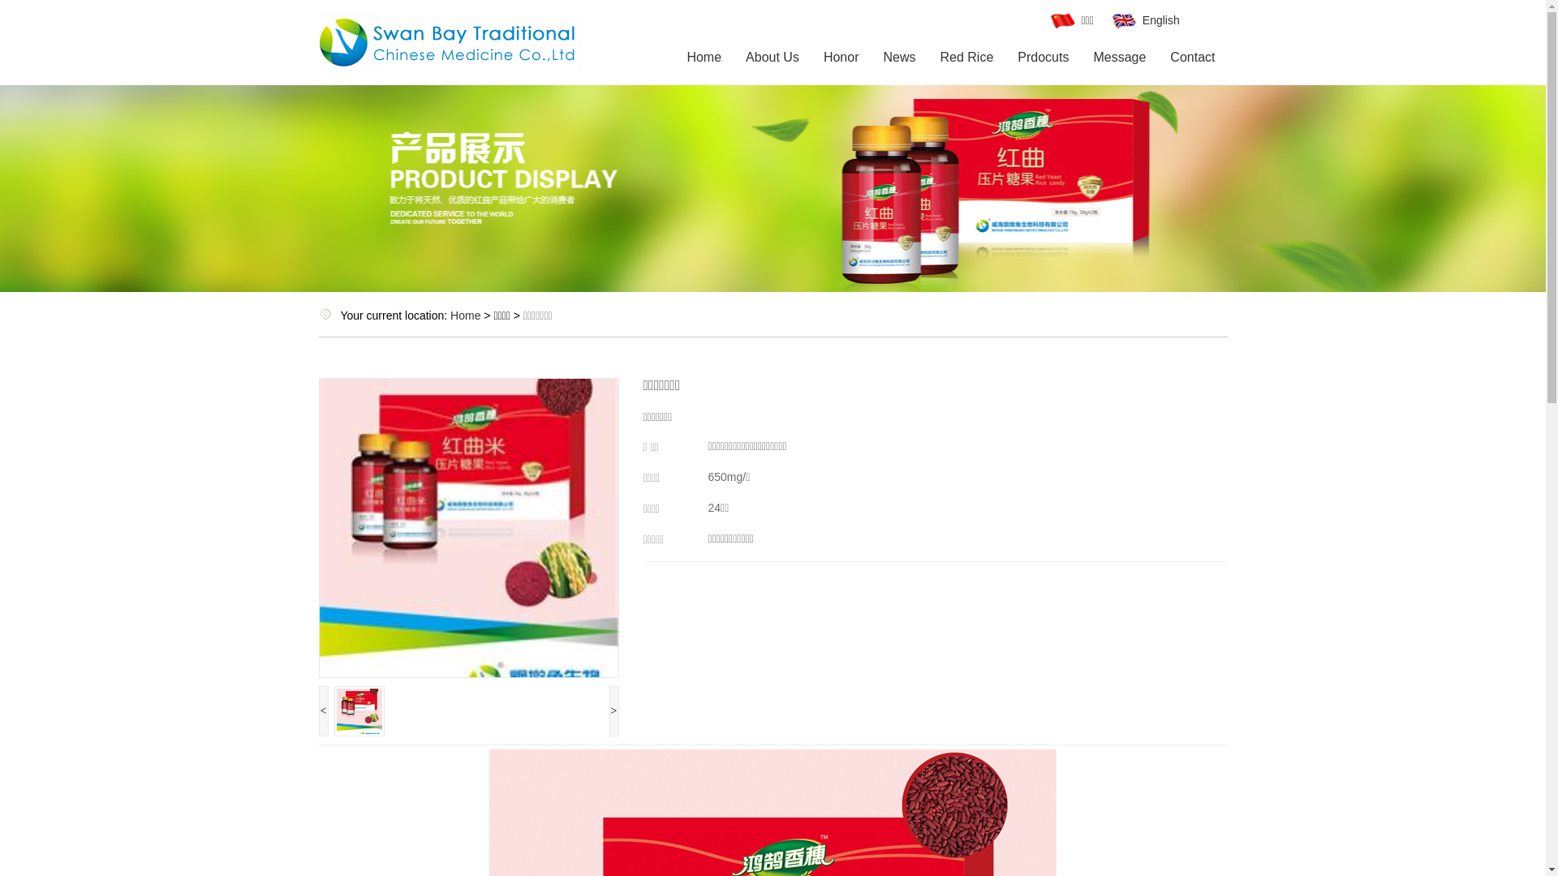 The height and width of the screenshot is (876, 1558). Describe the element at coordinates (1093, 56) in the screenshot. I see `'Message'` at that location.